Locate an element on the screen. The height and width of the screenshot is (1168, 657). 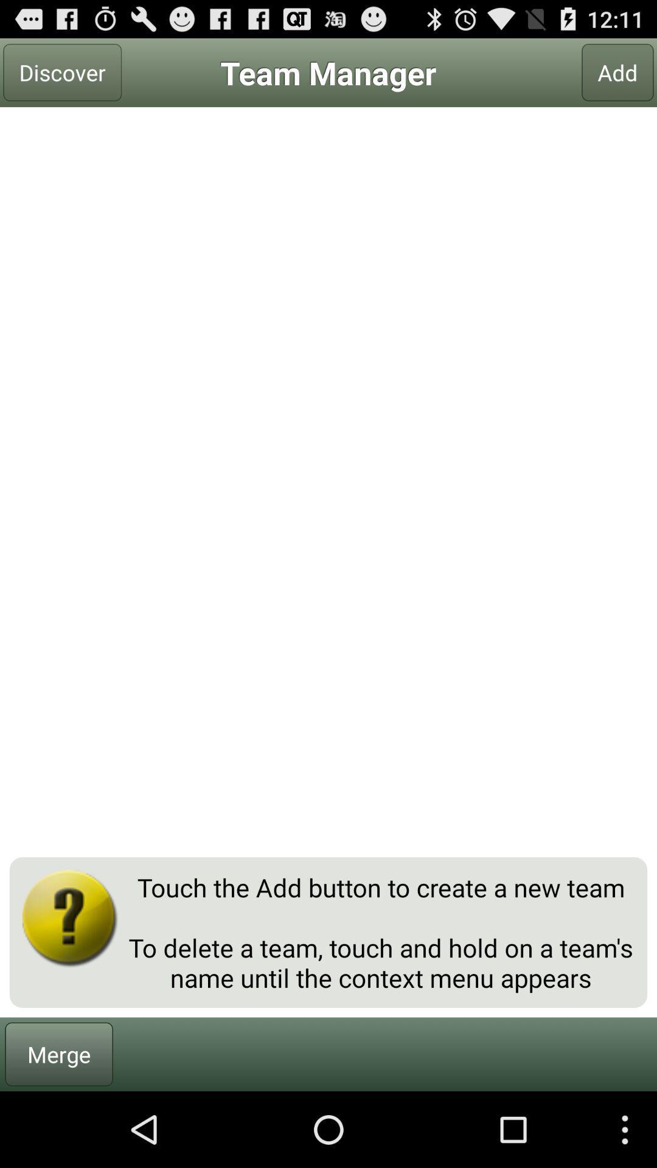
merge icon is located at coordinates (59, 1054).